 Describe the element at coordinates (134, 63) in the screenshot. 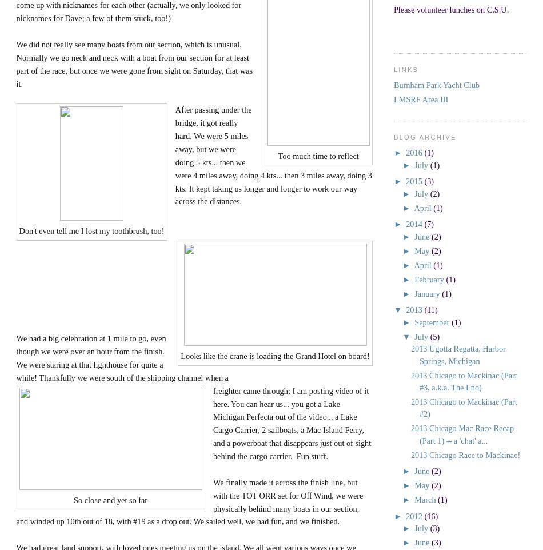

I see `'We did not really see many boats from our section, which is unusual. Normally we go neck and neck with a boat from our section for at least part of the race, but once we were gone from sight on Saturday, that was it.'` at that location.